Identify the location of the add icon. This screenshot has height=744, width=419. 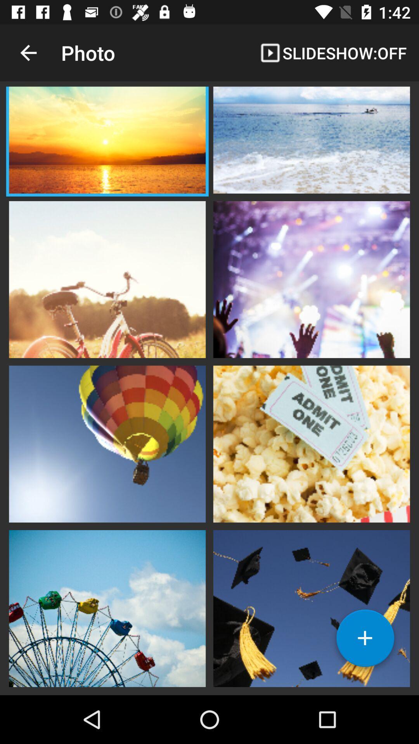
(365, 641).